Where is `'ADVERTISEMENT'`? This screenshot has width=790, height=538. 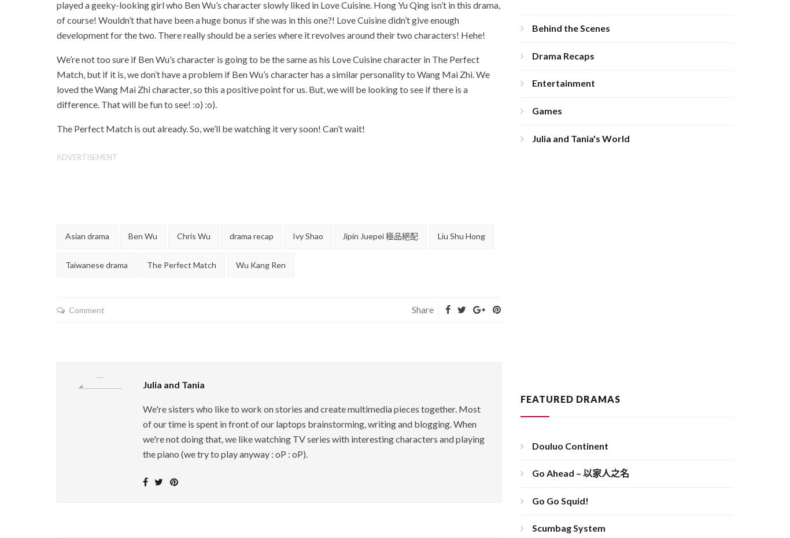
'ADVERTISEMENT' is located at coordinates (86, 156).